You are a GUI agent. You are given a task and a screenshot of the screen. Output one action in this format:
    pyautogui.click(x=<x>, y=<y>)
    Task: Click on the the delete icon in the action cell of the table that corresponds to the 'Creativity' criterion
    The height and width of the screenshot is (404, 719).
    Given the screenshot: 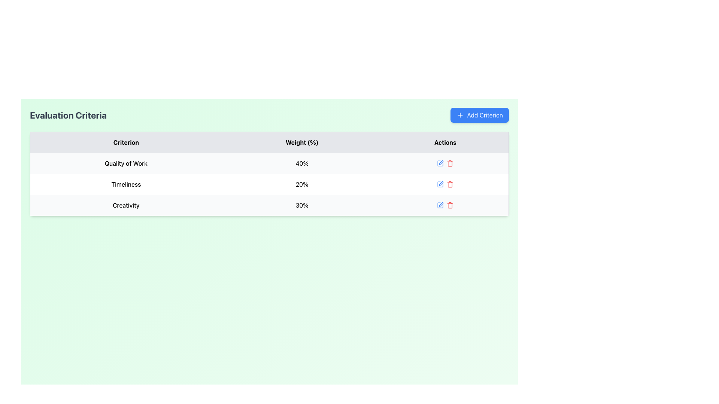 What is the action you would take?
    pyautogui.click(x=445, y=205)
    